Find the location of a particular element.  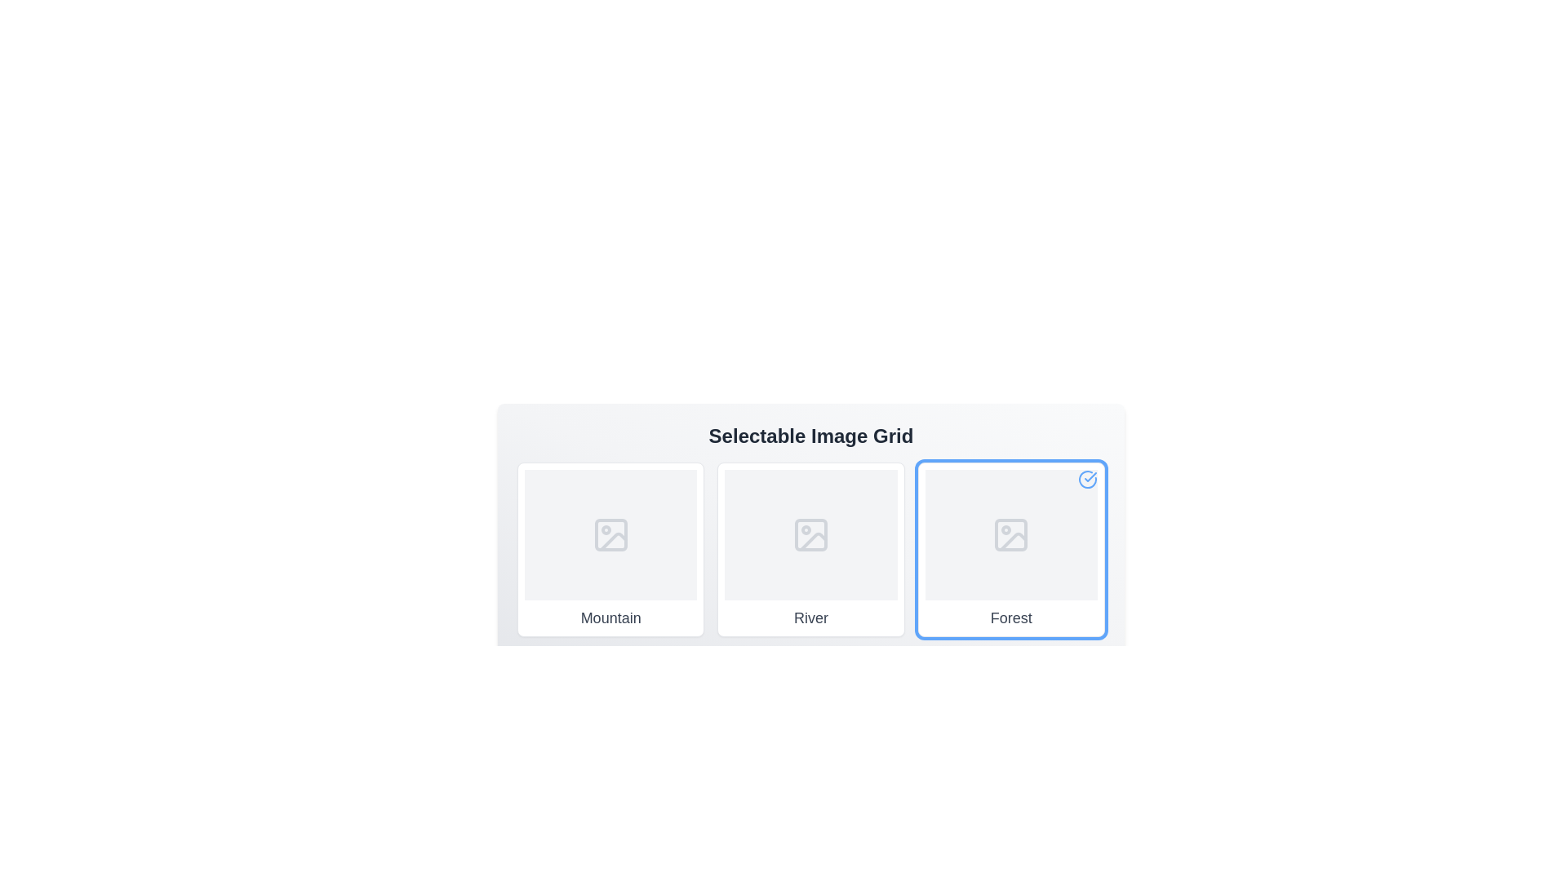

the selectable image grid item labeled Forest to observe hover effects is located at coordinates (1010, 550).